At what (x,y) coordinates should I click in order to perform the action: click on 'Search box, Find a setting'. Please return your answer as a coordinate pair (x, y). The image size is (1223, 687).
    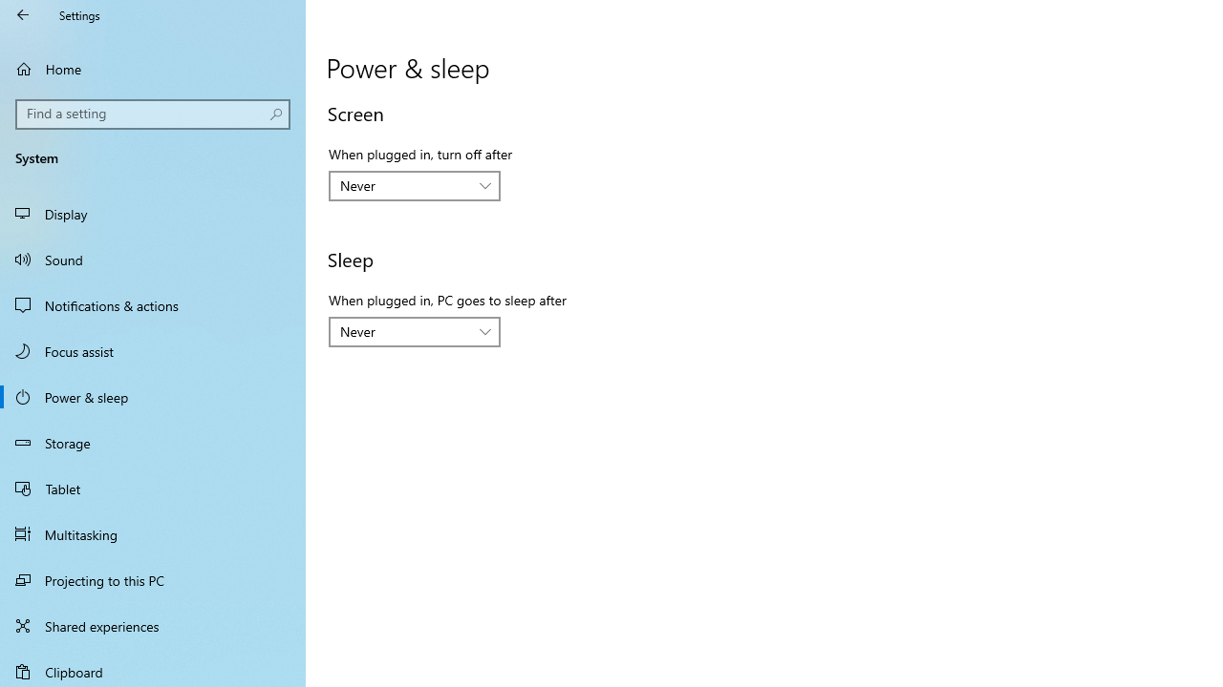
    Looking at the image, I should click on (153, 114).